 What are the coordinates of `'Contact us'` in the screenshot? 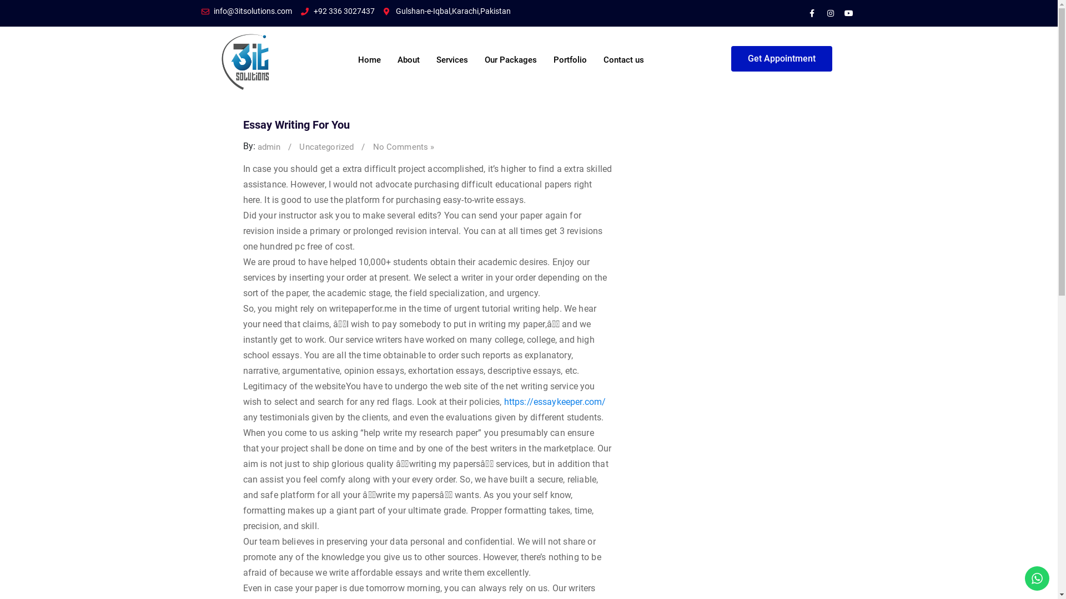 It's located at (623, 54).